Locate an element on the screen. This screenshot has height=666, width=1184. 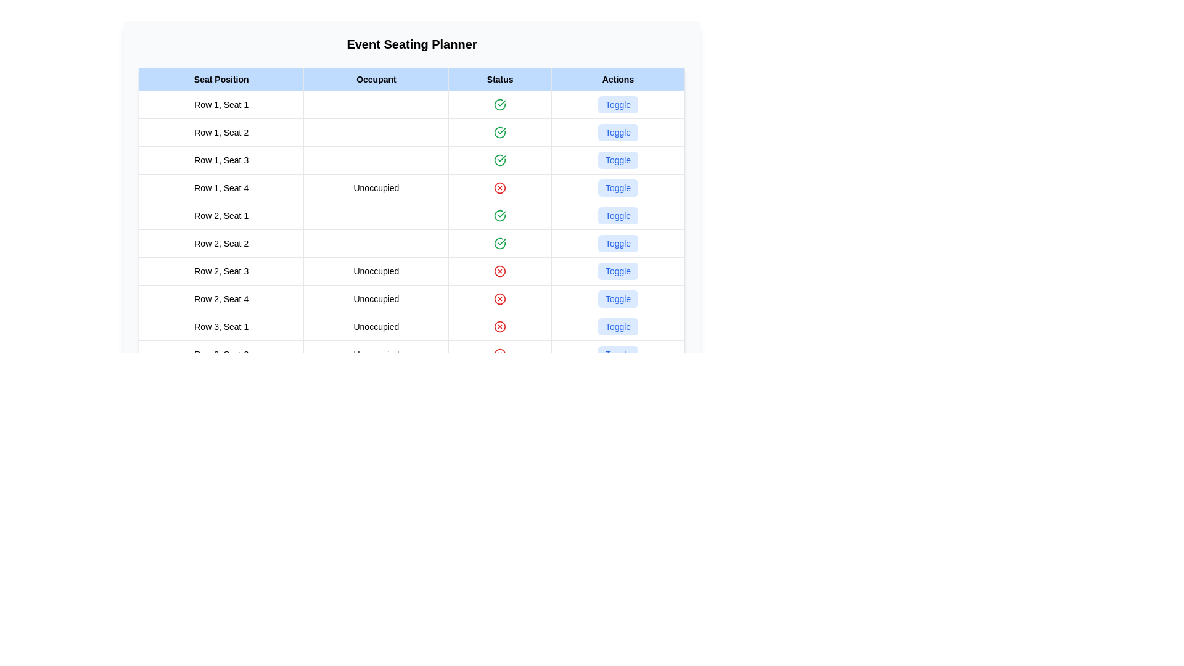
the text label displaying 'Unoccupied', which is located in the second row and third column of the table is located at coordinates (376, 270).